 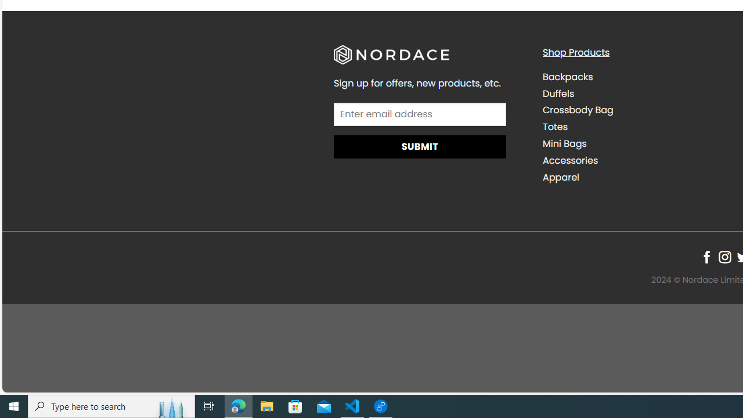 I want to click on 'Submit', so click(x=419, y=146).